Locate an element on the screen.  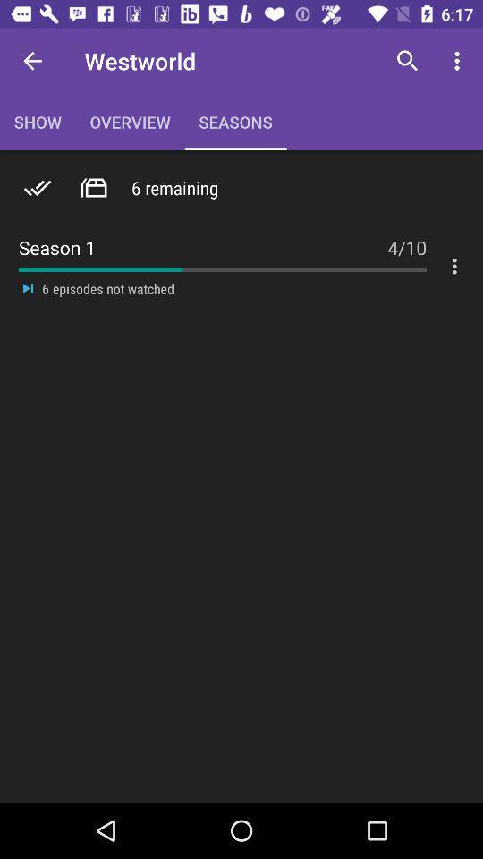
item above show is located at coordinates (32, 61).